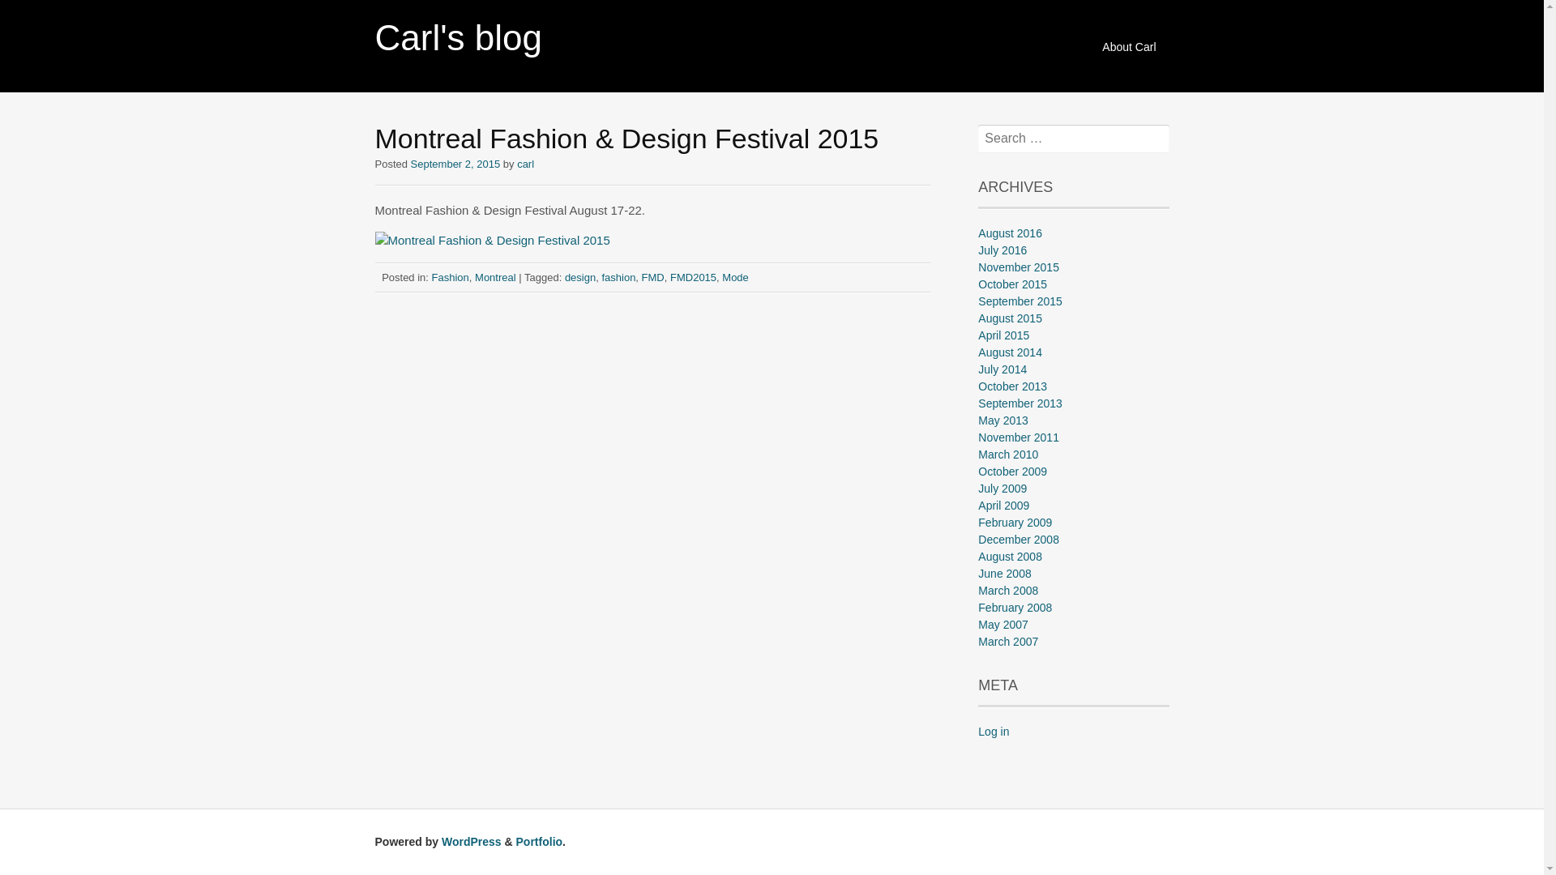 This screenshot has width=1556, height=875. Describe the element at coordinates (1018, 437) in the screenshot. I see `'November 2011'` at that location.